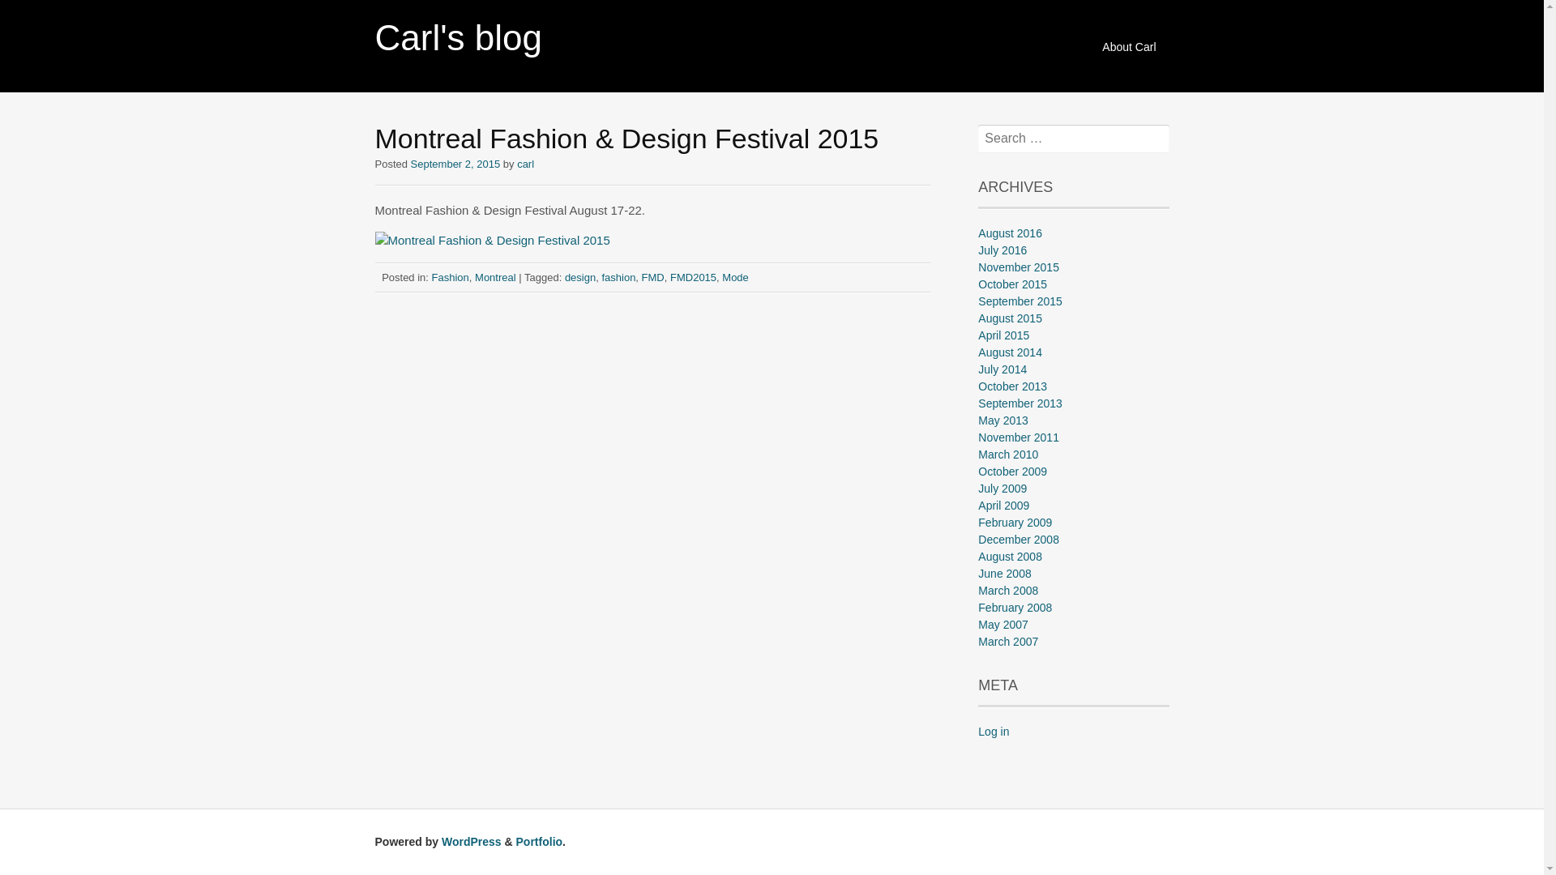 This screenshot has width=1556, height=875. Describe the element at coordinates (1018, 437) in the screenshot. I see `'November 2011'` at that location.